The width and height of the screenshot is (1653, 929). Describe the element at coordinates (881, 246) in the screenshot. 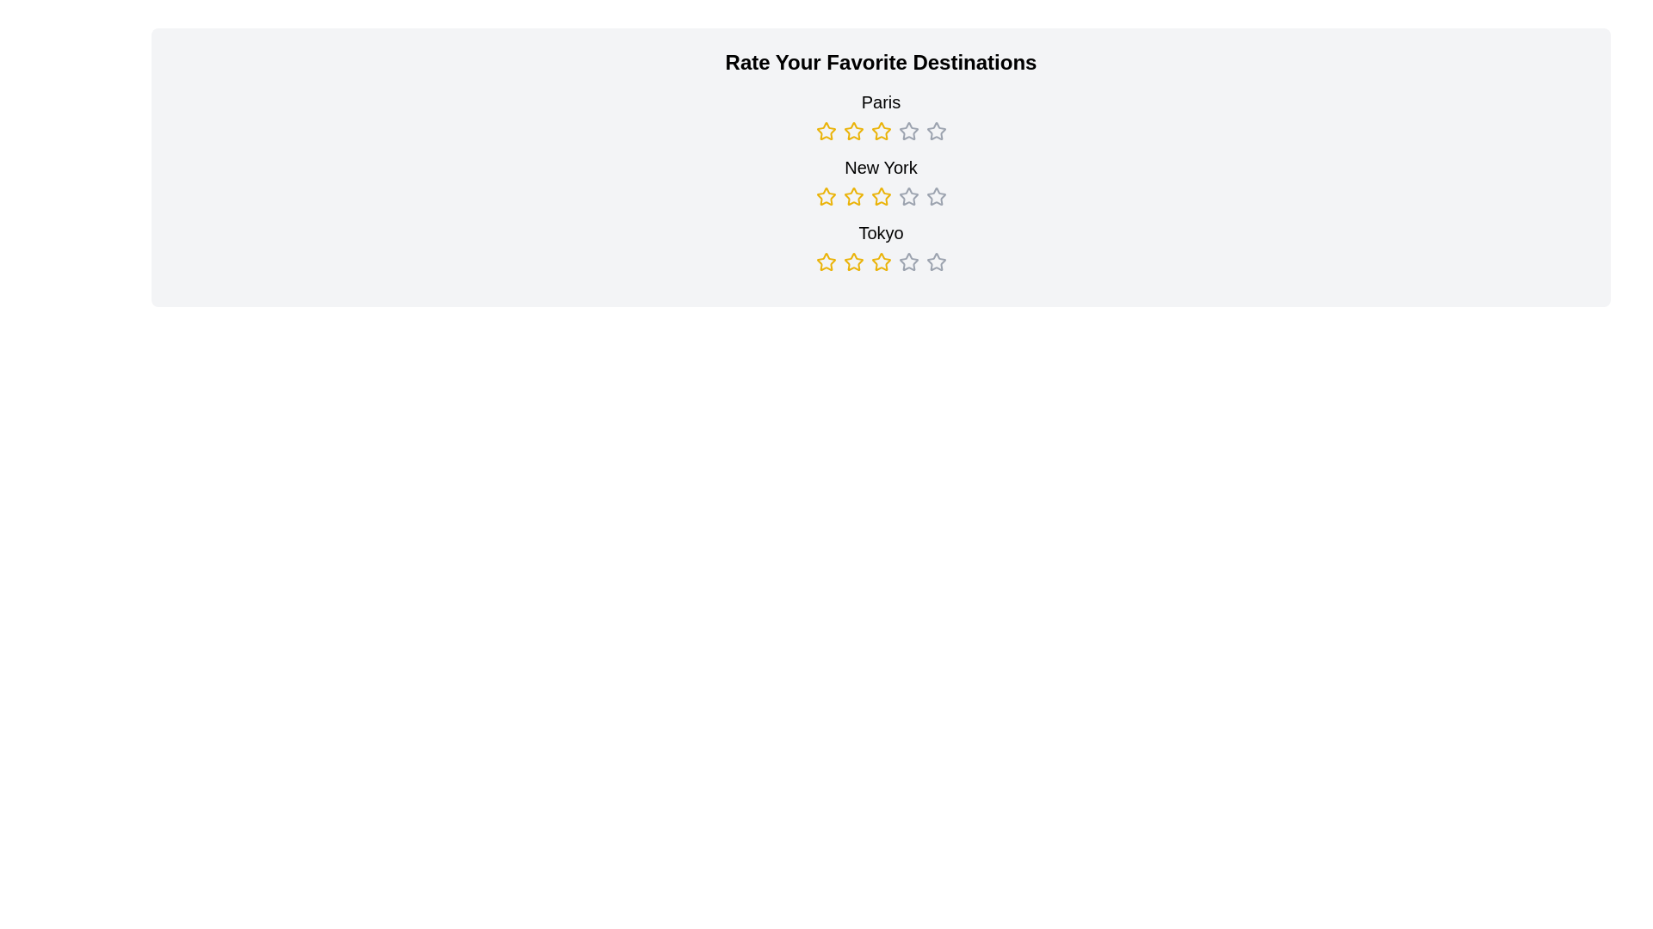

I see `a star in the Rating component for the city 'Tokyo' to update the rating` at that location.